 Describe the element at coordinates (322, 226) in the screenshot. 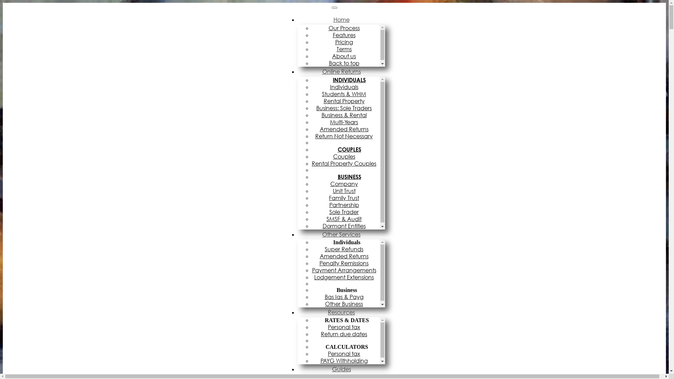

I see `'Dormant Entities'` at that location.